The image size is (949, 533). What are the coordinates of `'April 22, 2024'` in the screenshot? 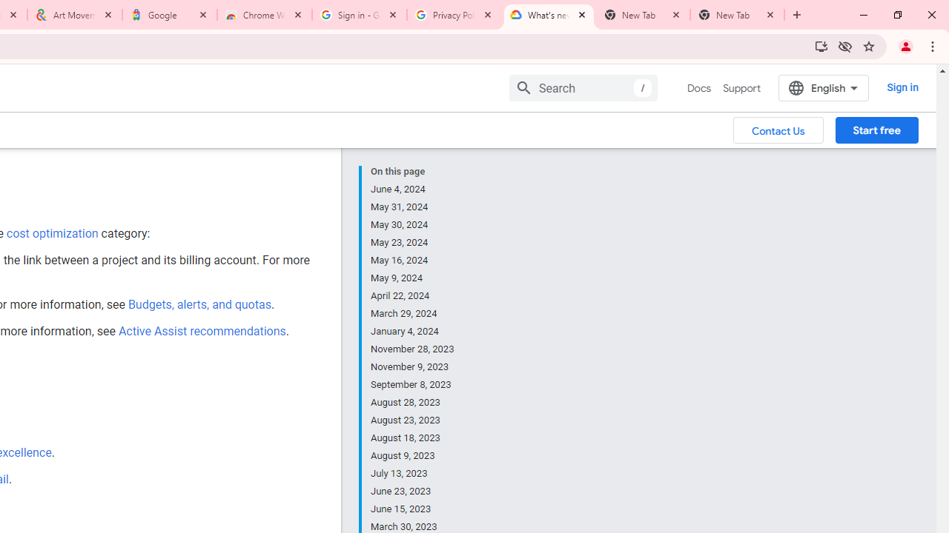 It's located at (413, 295).